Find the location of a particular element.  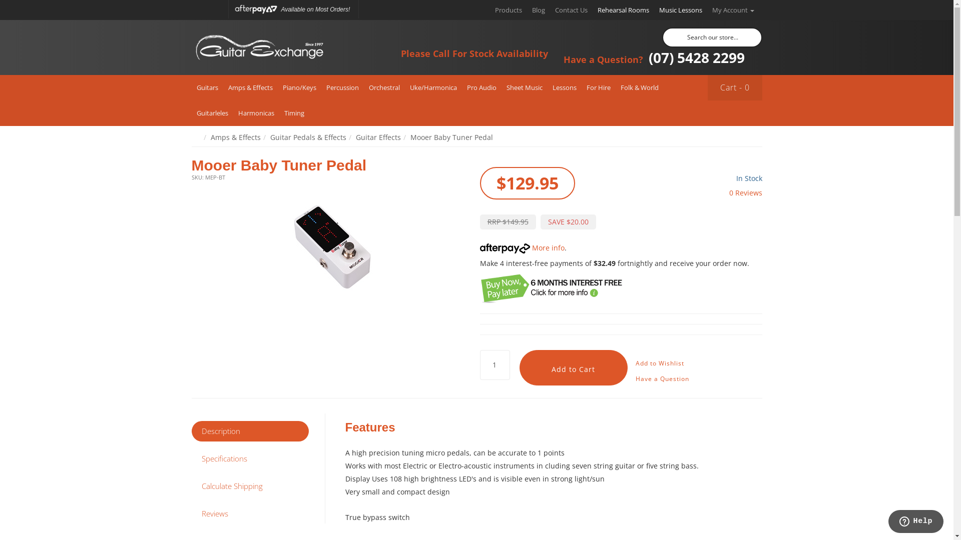

'Pro Audio' is located at coordinates (481, 87).